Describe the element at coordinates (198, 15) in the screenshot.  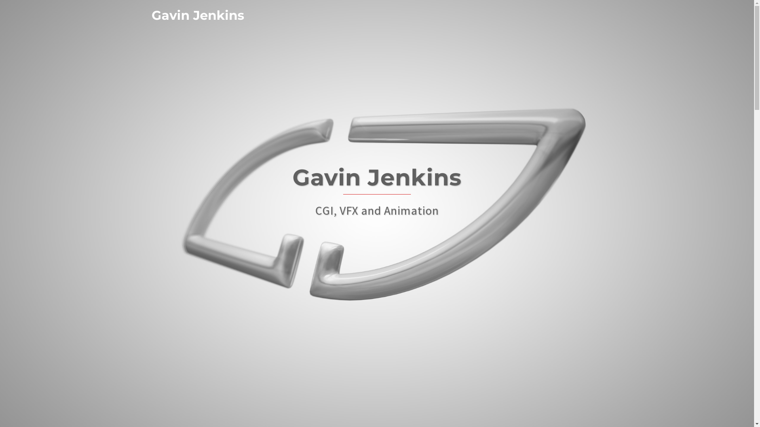
I see `'Gavin Jenkins'` at that location.